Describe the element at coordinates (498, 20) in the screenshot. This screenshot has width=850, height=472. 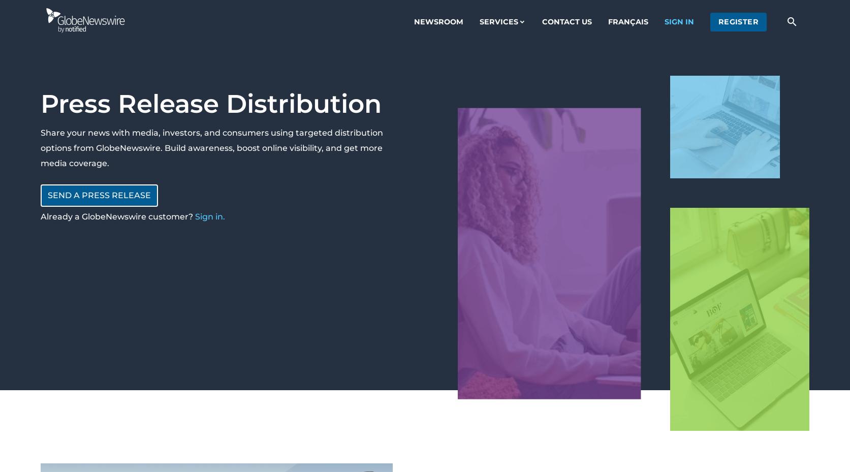
I see `'services'` at that location.